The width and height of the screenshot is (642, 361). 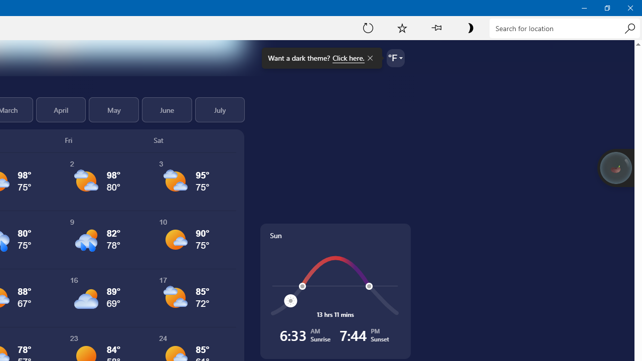 I want to click on 'Minimize Weather', so click(x=584, y=8).